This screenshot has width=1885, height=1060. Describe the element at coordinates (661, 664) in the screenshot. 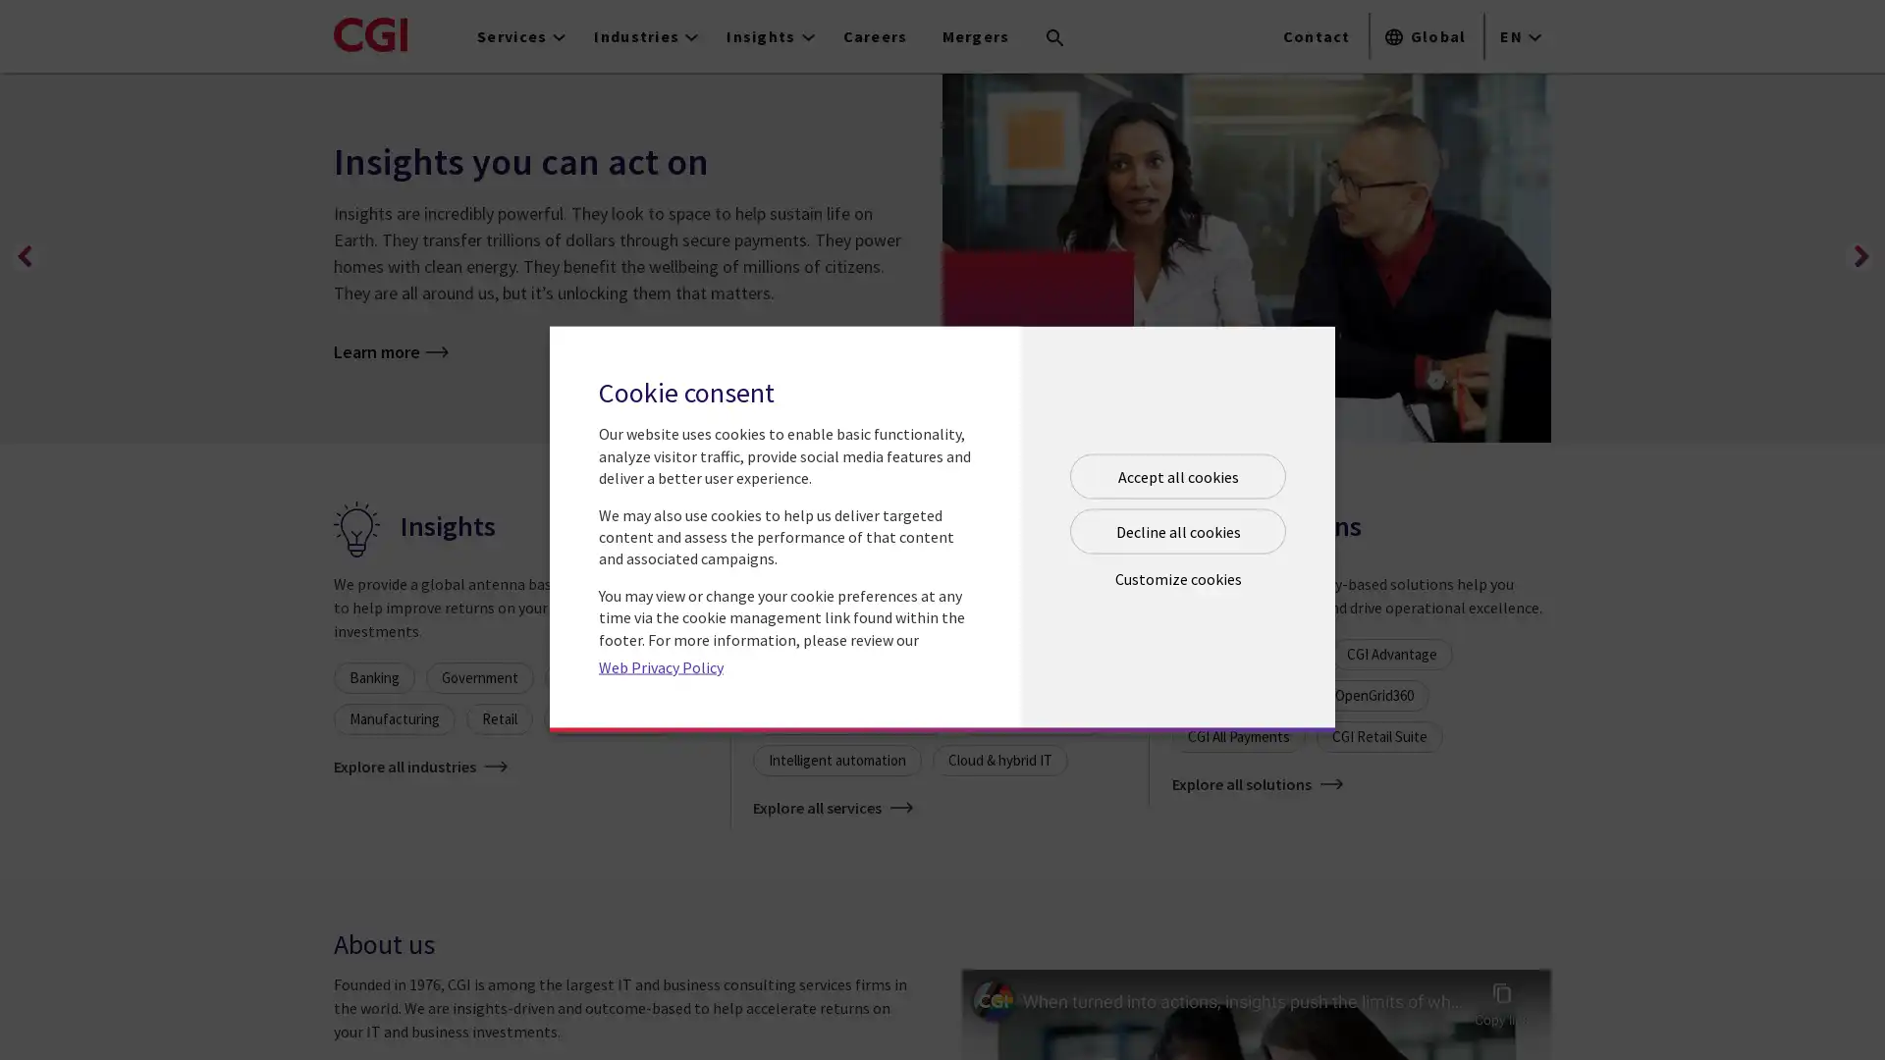

I see `Web Privacy Policy` at that location.